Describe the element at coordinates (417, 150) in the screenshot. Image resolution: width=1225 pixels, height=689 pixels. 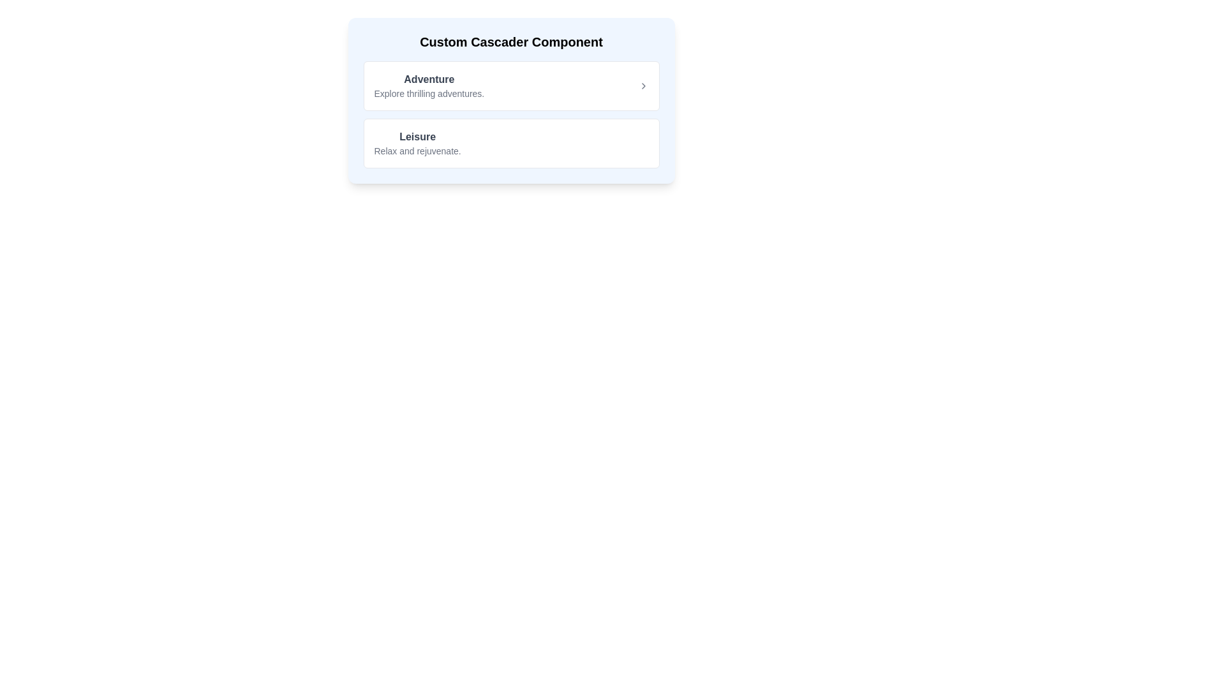
I see `the static text that serves as an informative subtitle beneath the 'Leisure' heading in the UI` at that location.